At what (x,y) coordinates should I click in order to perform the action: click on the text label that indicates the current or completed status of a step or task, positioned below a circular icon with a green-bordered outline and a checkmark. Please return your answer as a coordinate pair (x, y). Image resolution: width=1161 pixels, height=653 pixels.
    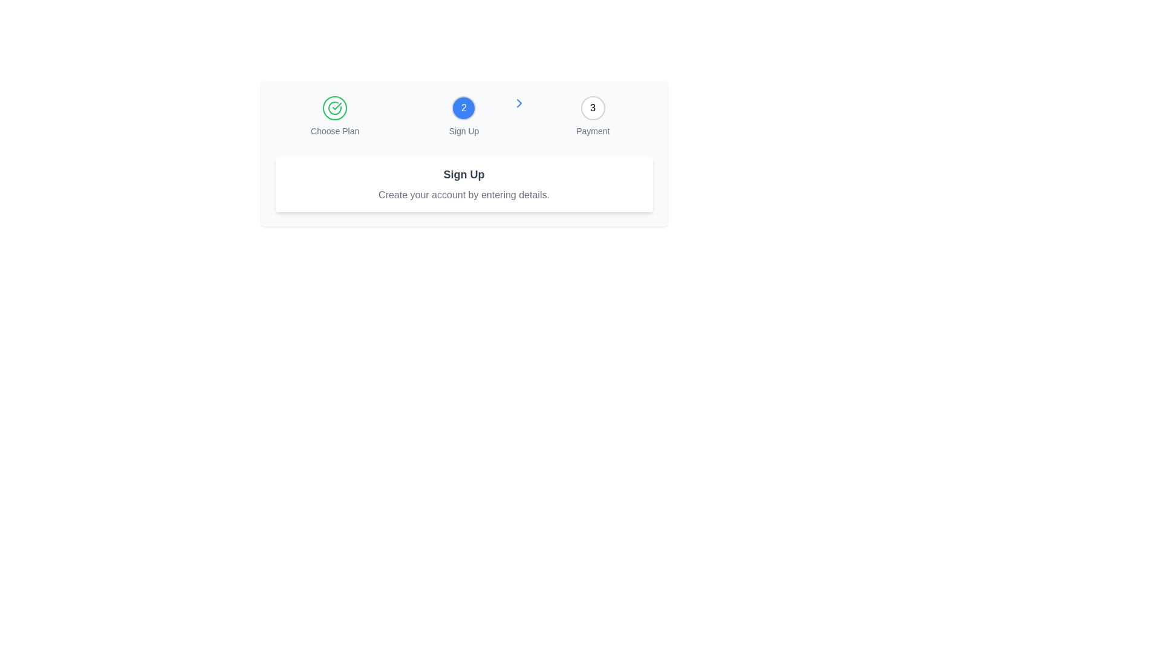
    Looking at the image, I should click on (335, 131).